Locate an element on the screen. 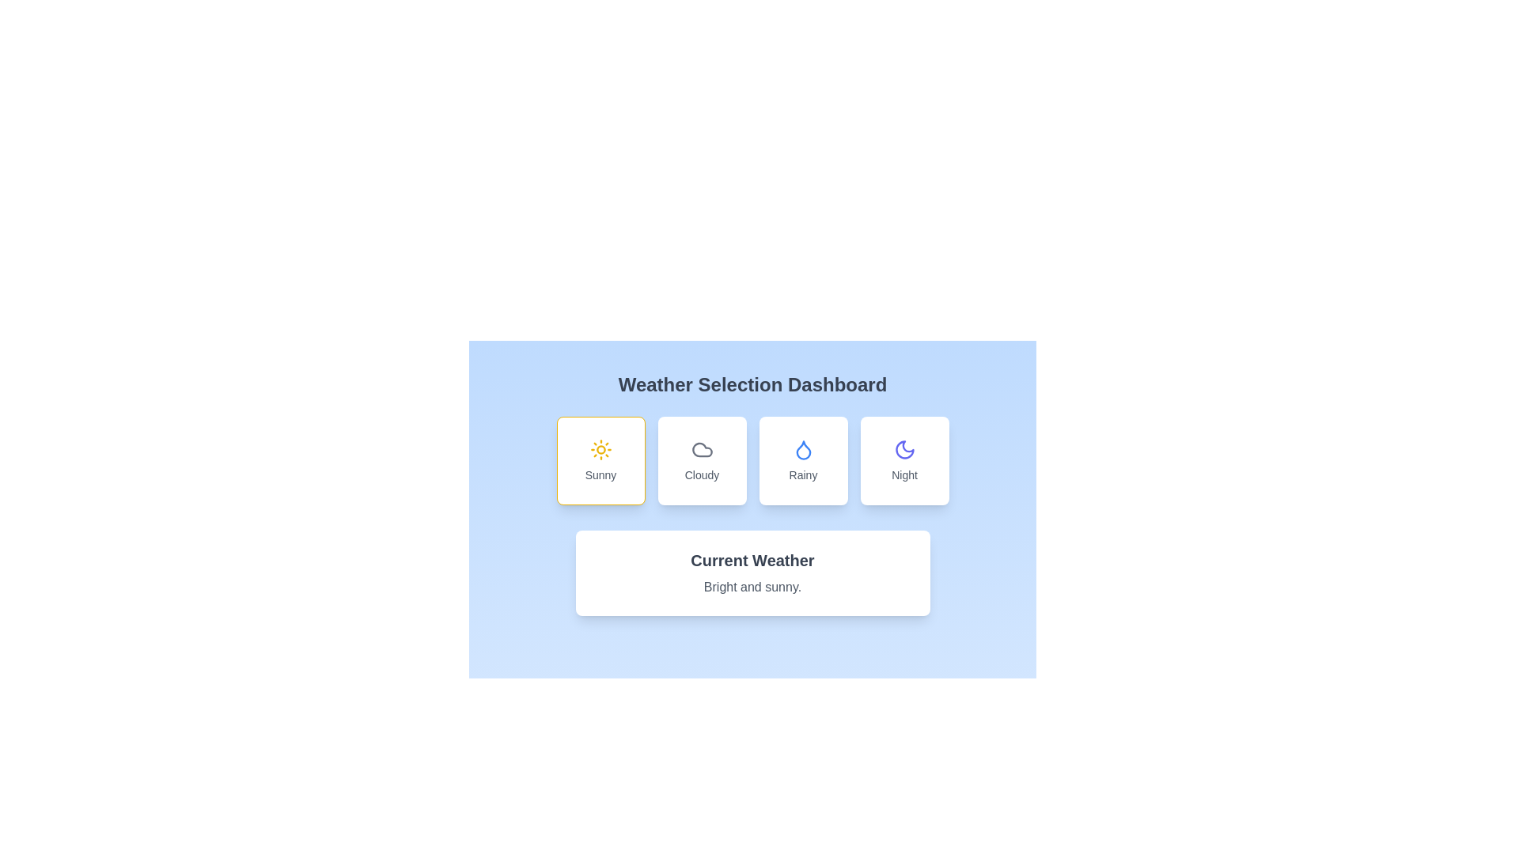 The image size is (1519, 854). the 'Night' weather condition indicator SVG icon is located at coordinates (904, 450).